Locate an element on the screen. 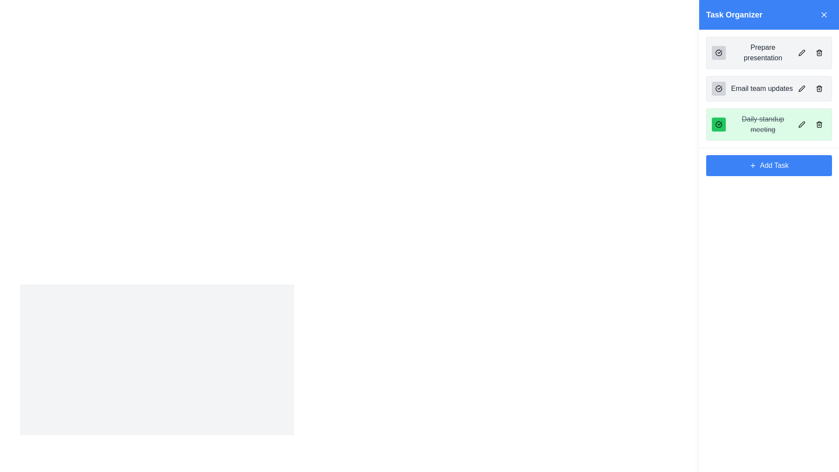  the button with a trash icon for deletion is located at coordinates (819, 125).